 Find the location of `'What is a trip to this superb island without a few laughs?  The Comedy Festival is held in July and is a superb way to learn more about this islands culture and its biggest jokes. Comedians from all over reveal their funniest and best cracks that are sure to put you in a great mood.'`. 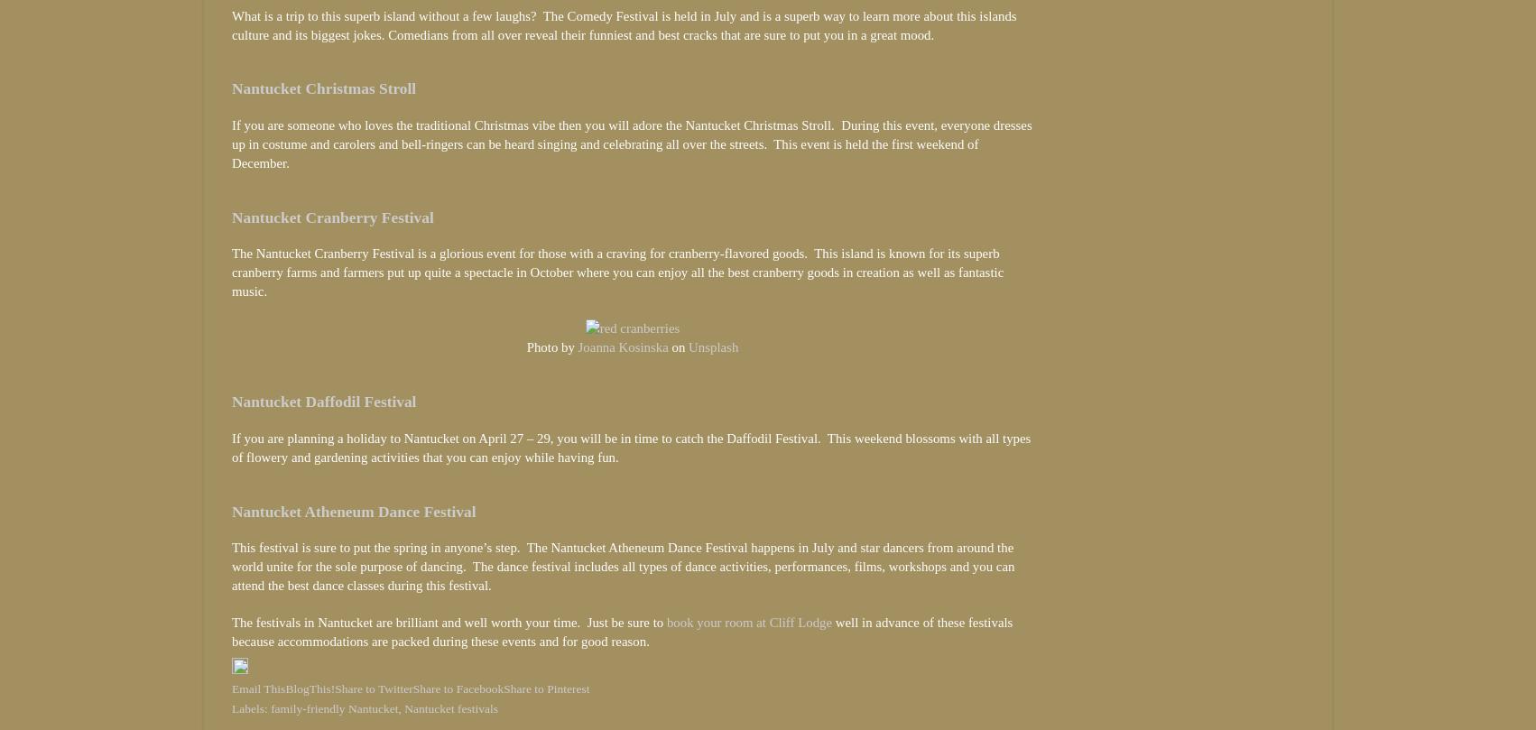

'What is a trip to this superb island without a few laughs?  The Comedy Festival is held in July and is a superb way to learn more about this islands culture and its biggest jokes. Comedians from all over reveal their funniest and best cracks that are sure to put you in a great mood.' is located at coordinates (624, 24).